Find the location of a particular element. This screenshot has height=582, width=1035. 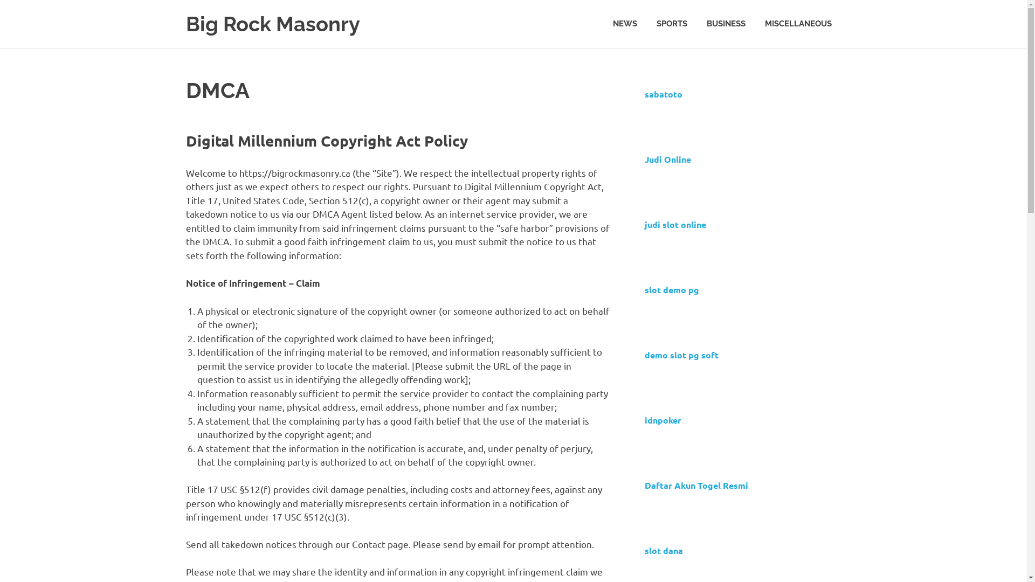

'MISCELLANEOUS' is located at coordinates (797, 24).